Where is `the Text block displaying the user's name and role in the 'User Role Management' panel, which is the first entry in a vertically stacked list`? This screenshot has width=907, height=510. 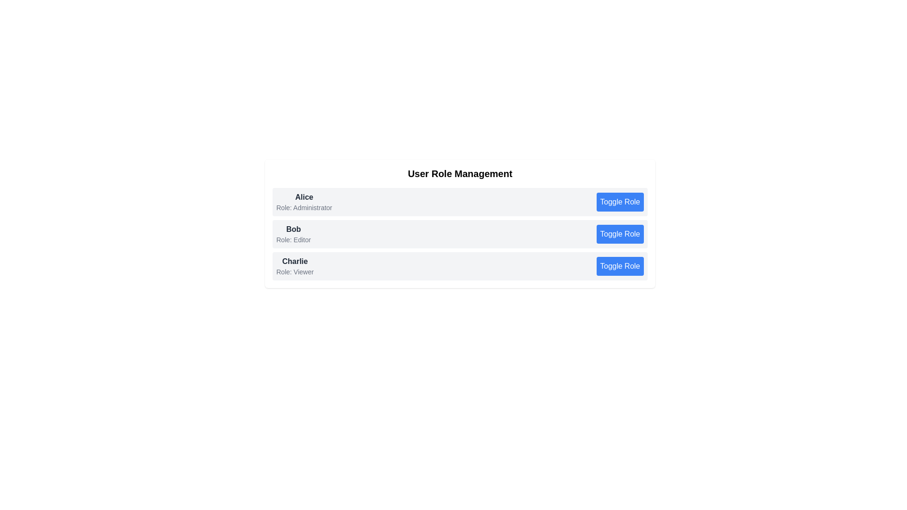
the Text block displaying the user's name and role in the 'User Role Management' panel, which is the first entry in a vertically stacked list is located at coordinates (304, 202).